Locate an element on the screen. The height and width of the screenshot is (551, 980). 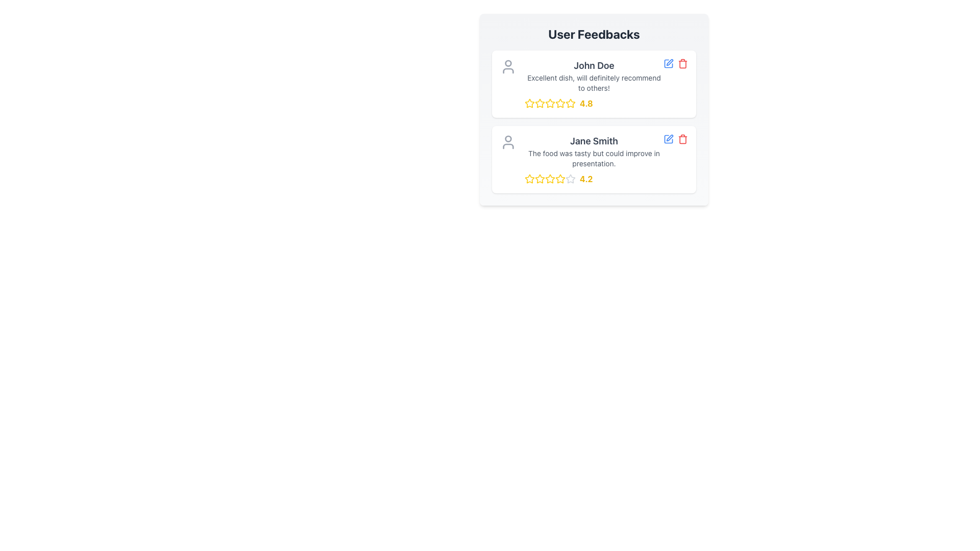
the fourth yellow star icon in the second user feedback card, which is part of a rating system is located at coordinates (560, 178).